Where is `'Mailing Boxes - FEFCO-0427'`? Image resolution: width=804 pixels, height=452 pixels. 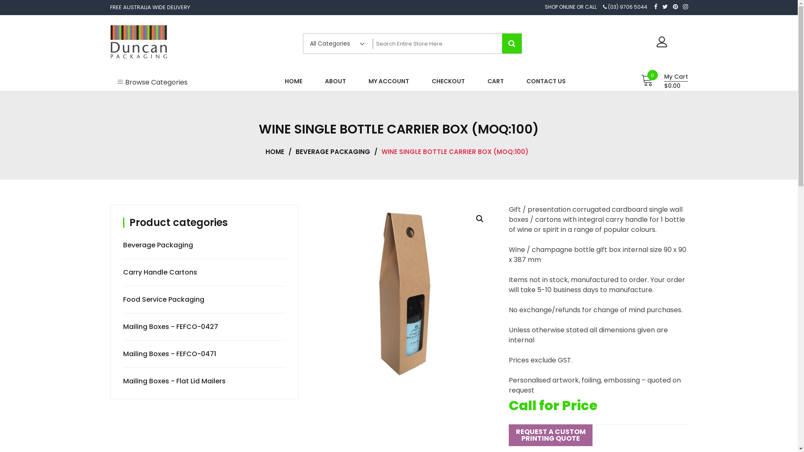 'Mailing Boxes - FEFCO-0427' is located at coordinates (171, 326).